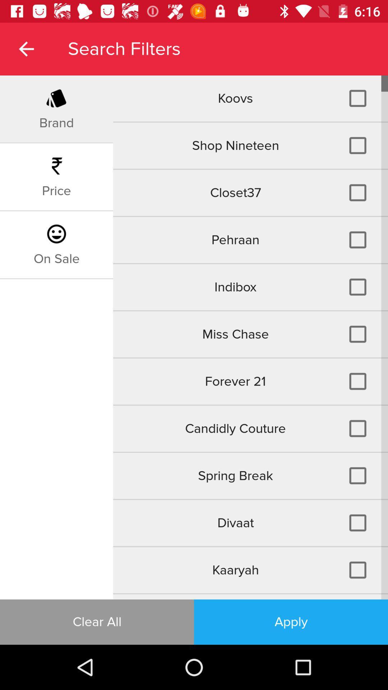  I want to click on icon to the left of the koovs item, so click(56, 123).